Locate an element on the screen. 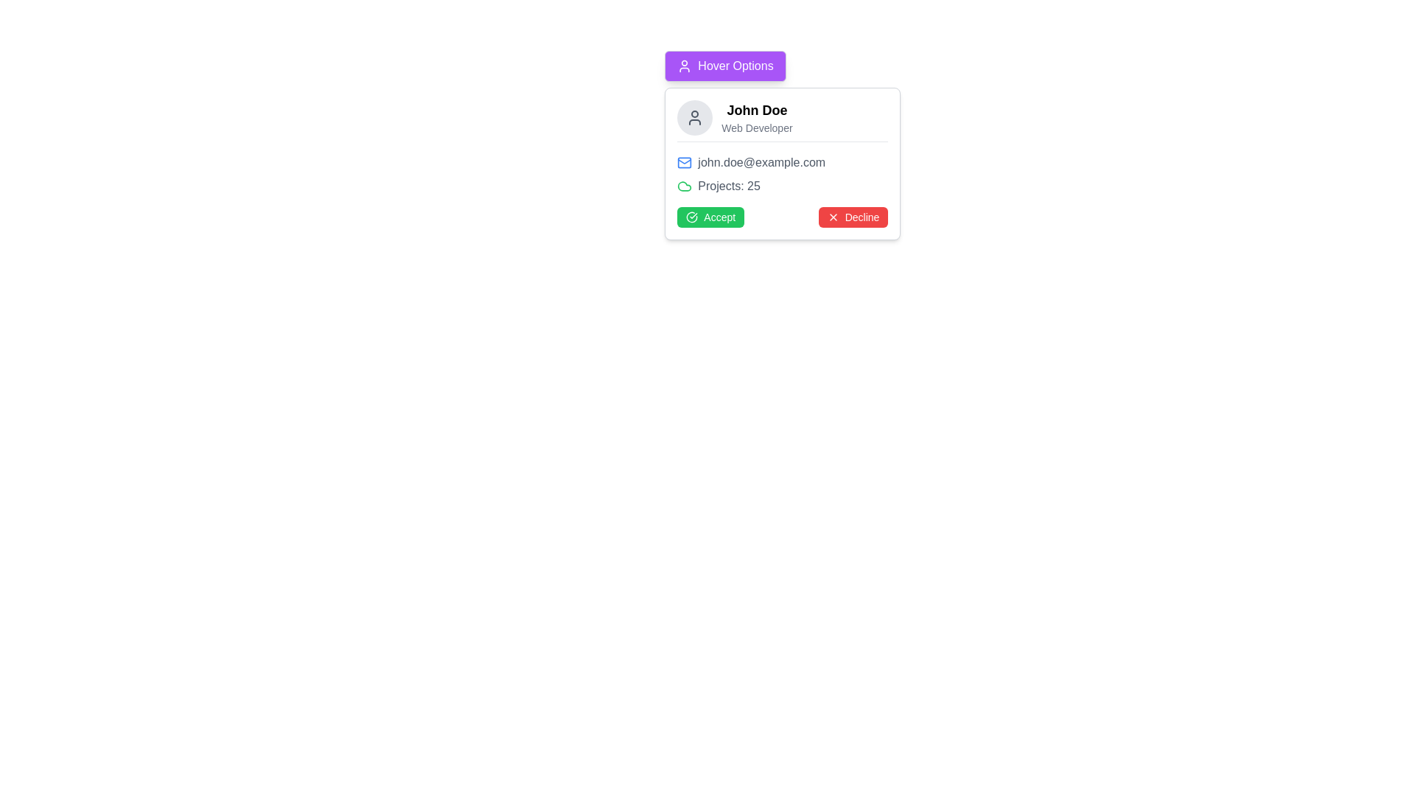 The width and height of the screenshot is (1415, 796). the text component displaying 'Web Developer' in a small serif font, styled in gray, located below 'John Doe' within the profile card is located at coordinates (757, 127).